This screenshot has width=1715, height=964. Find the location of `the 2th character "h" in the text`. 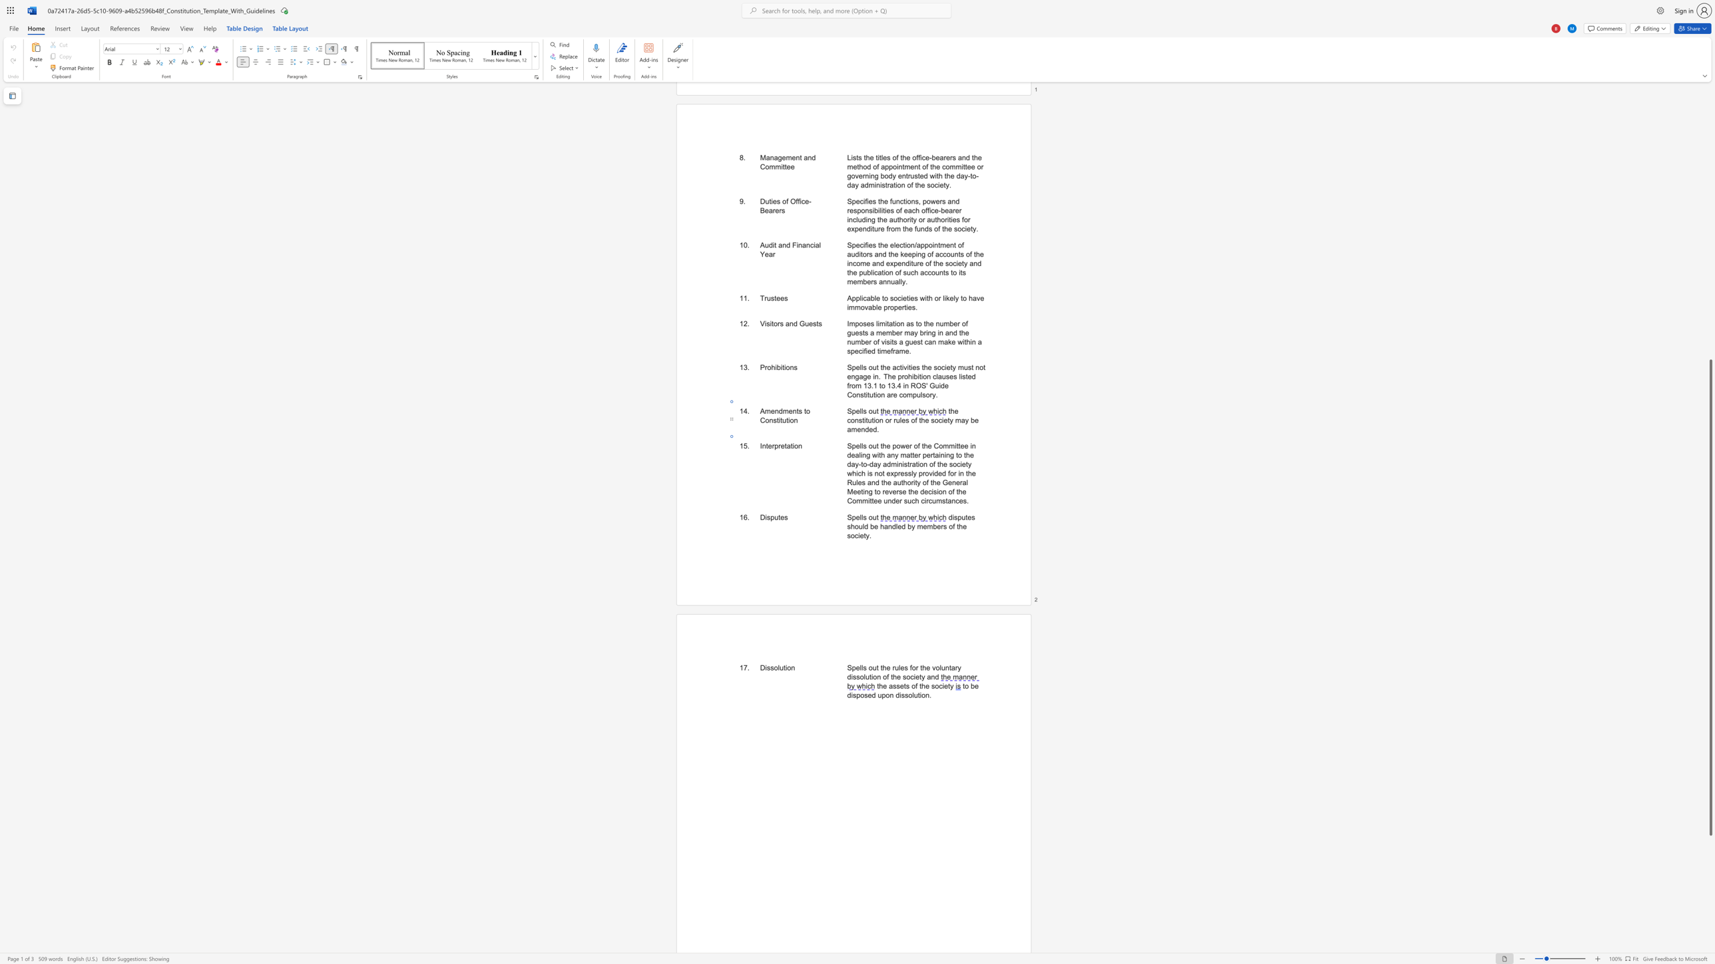

the 2th character "h" in the text is located at coordinates (923, 667).